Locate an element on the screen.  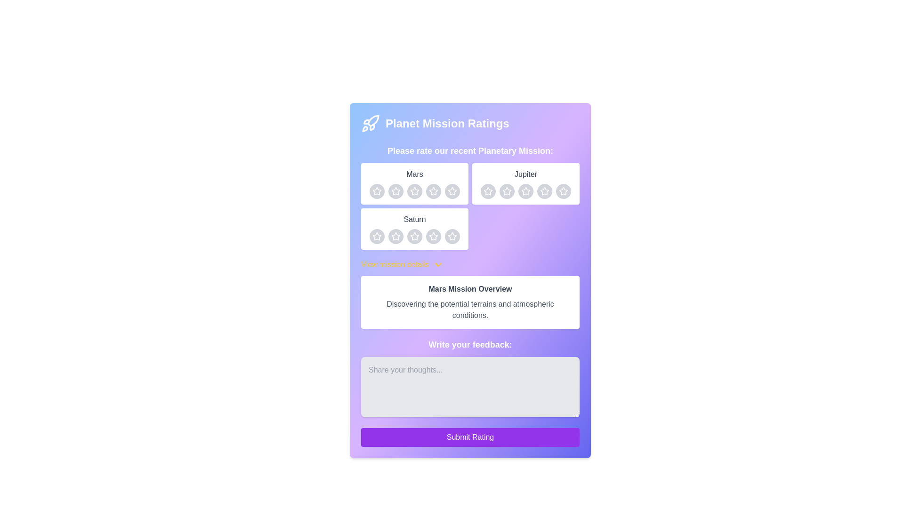
the third rating star icon in the Saturn section of the rating interface is located at coordinates (414, 236).